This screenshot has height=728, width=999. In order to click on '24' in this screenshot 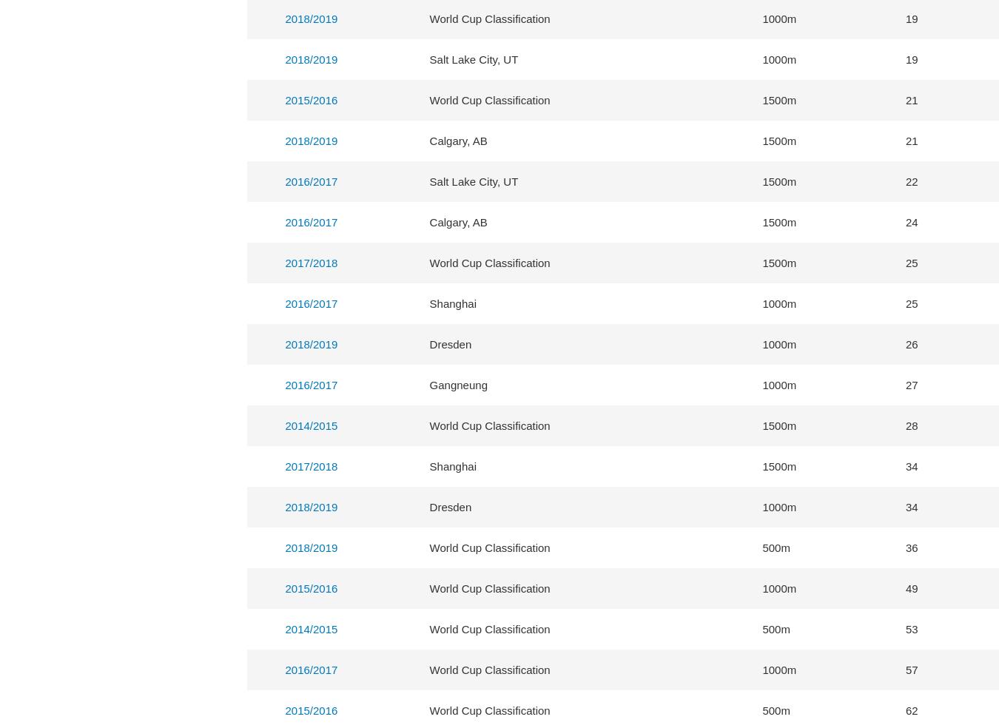, I will do `click(911, 221)`.